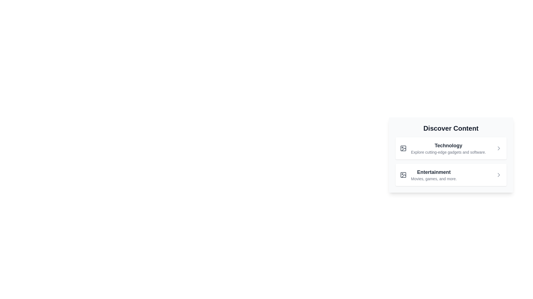  What do you see at coordinates (448, 148) in the screenshot?
I see `the 'Technology' text element within the selectable card located in the 'Discover Content' section to potentially reveal additional options or tooltips` at bounding box center [448, 148].